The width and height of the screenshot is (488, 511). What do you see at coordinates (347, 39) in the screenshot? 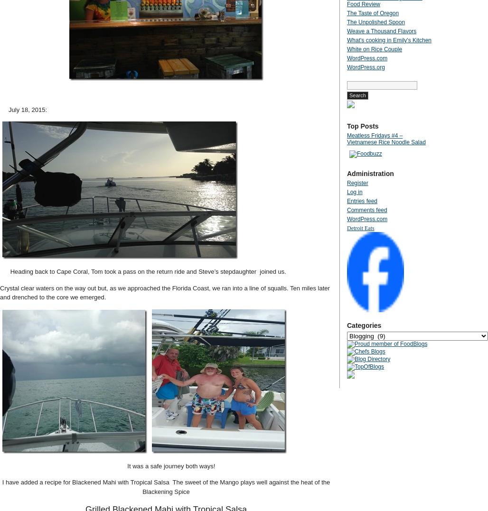
I see `'What's cooking in Emily's Kitchen'` at bounding box center [347, 39].